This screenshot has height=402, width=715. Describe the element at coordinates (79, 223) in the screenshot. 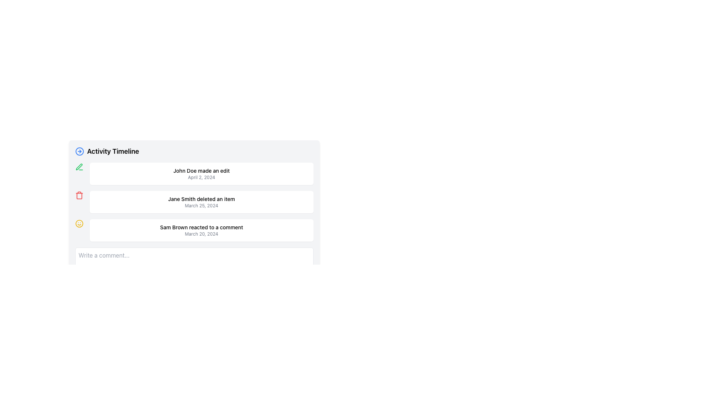

I see `the graphical icon (smiley face) indicating a positive reaction made by Sam Brown in the third entry of the 'Activity Timeline' section, next to the text 'Sam Brown reacted to a comment' dated March 20, 2024` at that location.